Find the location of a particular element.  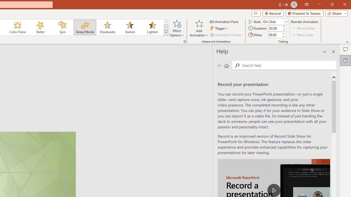

'Animation Painter' is located at coordinates (226, 35).